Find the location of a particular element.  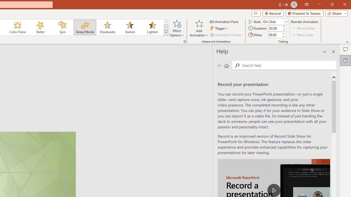

'Animation Painter' is located at coordinates (226, 35).